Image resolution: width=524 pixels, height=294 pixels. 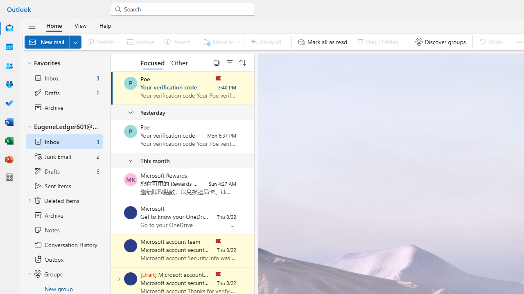 I want to click on 'EugeneLedger601@outlook.com', so click(x=63, y=127).